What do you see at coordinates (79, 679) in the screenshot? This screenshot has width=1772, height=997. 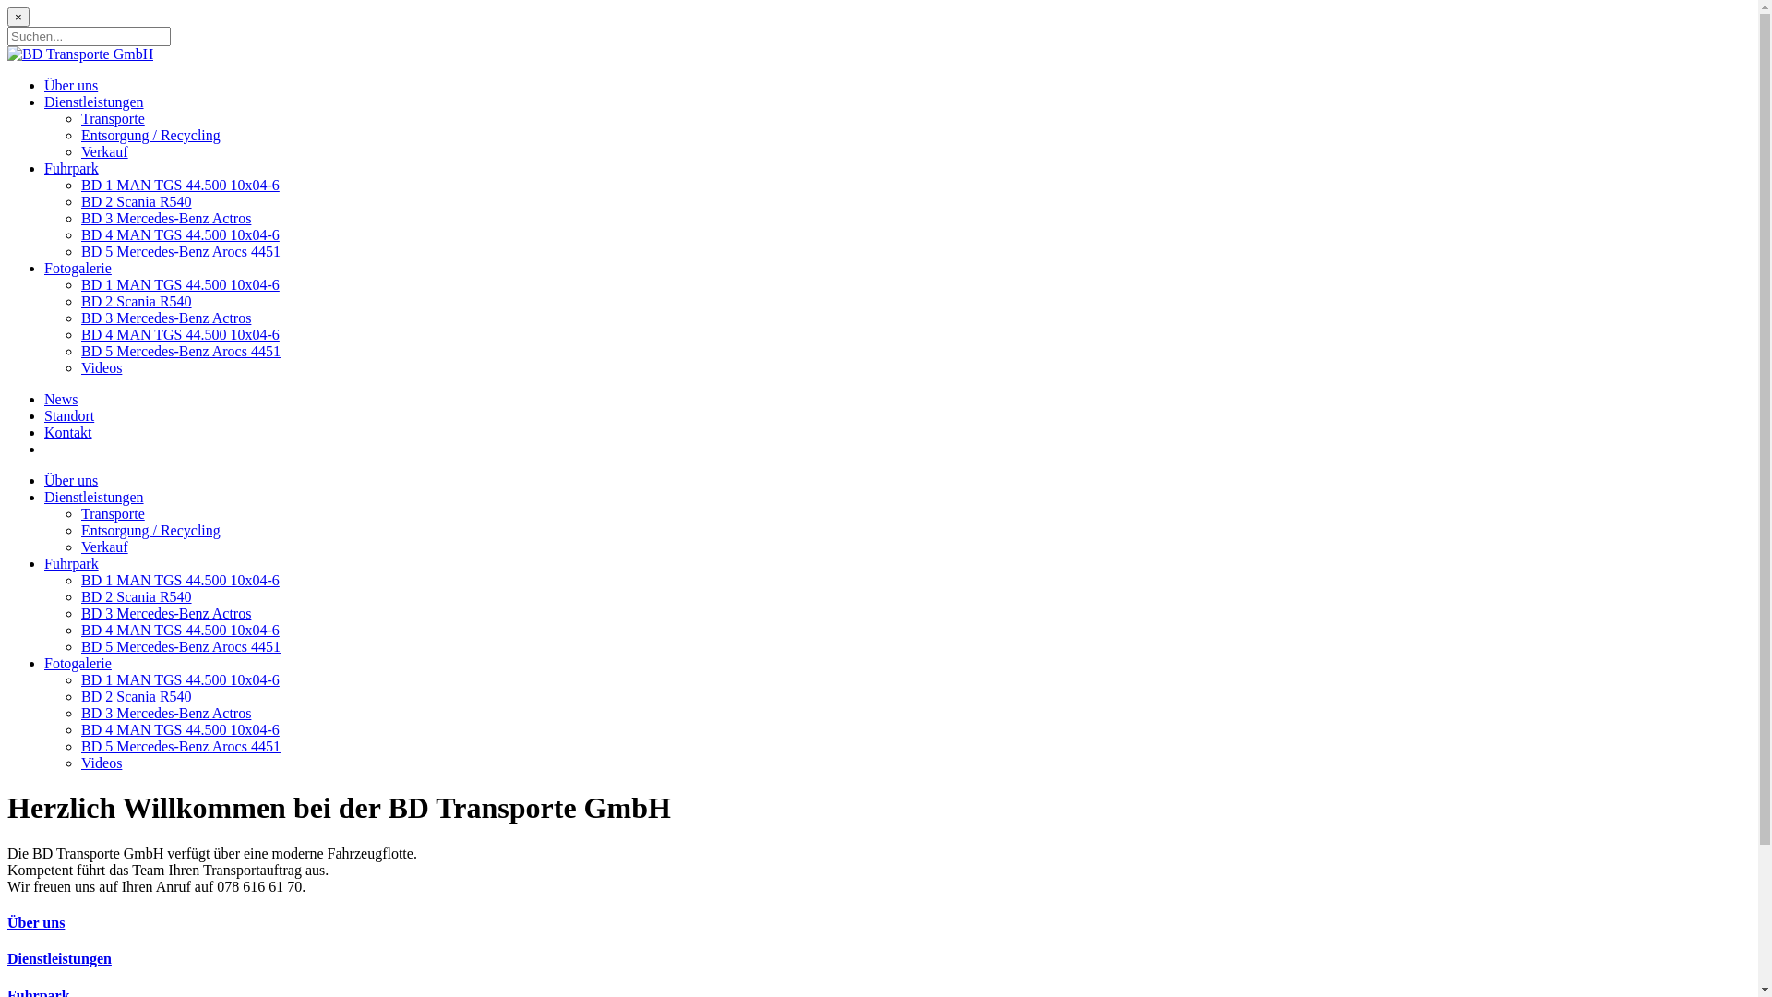 I see `'BD 1 MAN TGS 44.500 10x04-6'` at bounding box center [79, 679].